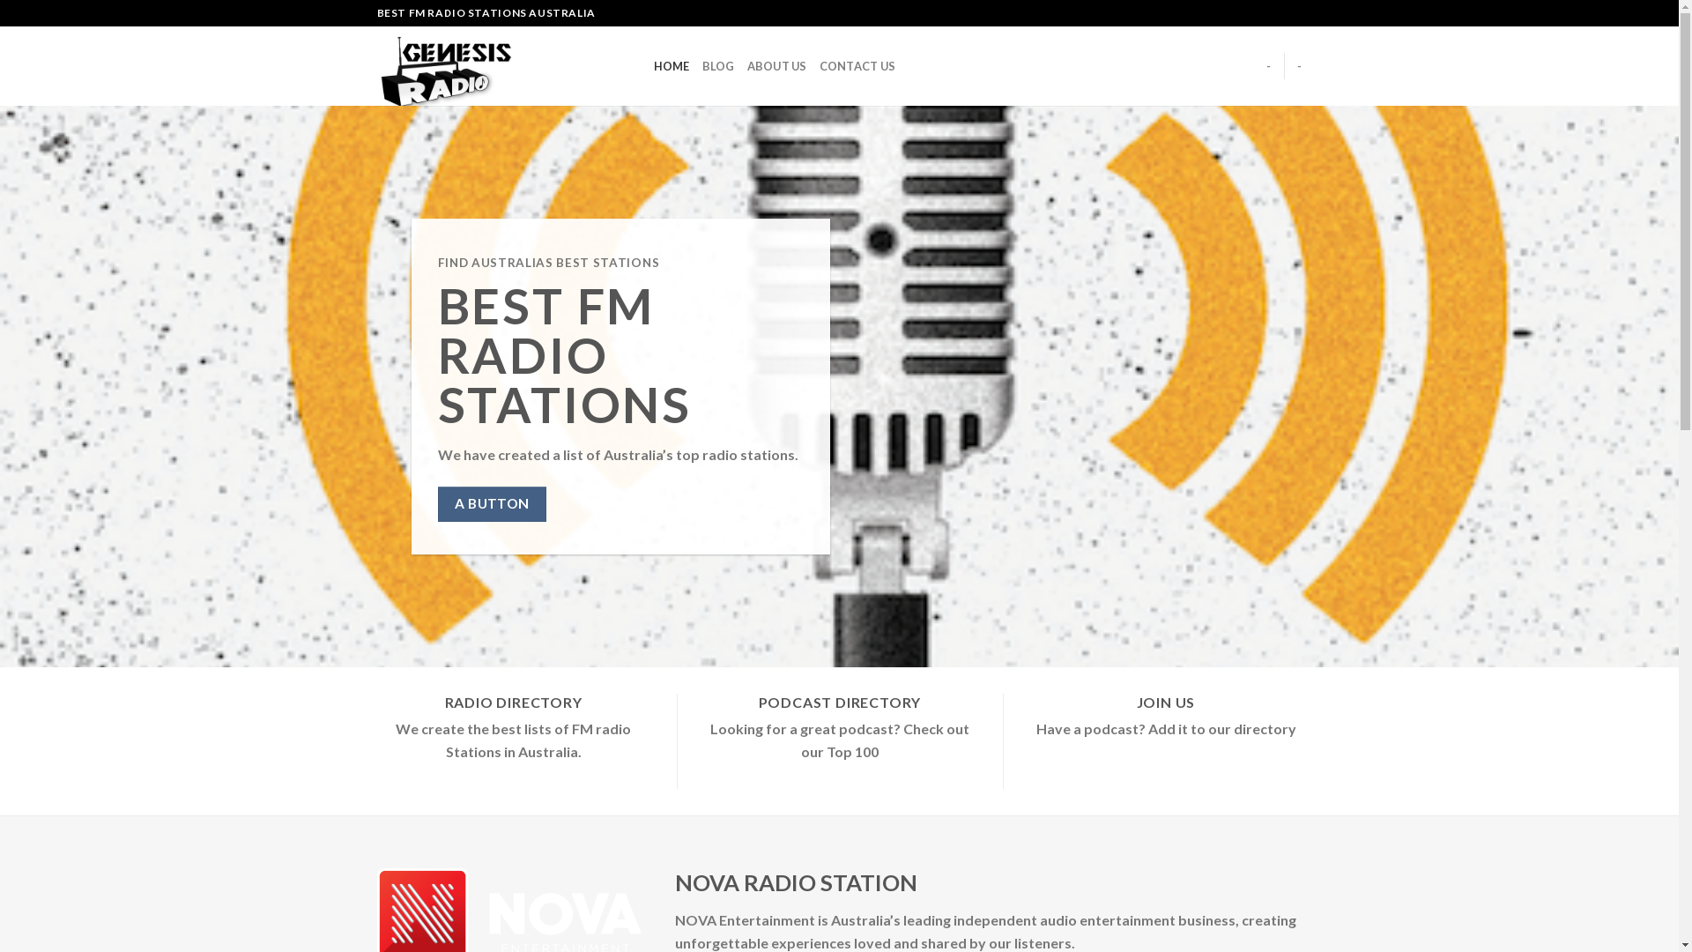  Describe the element at coordinates (491, 503) in the screenshot. I see `'A BUTTON'` at that location.